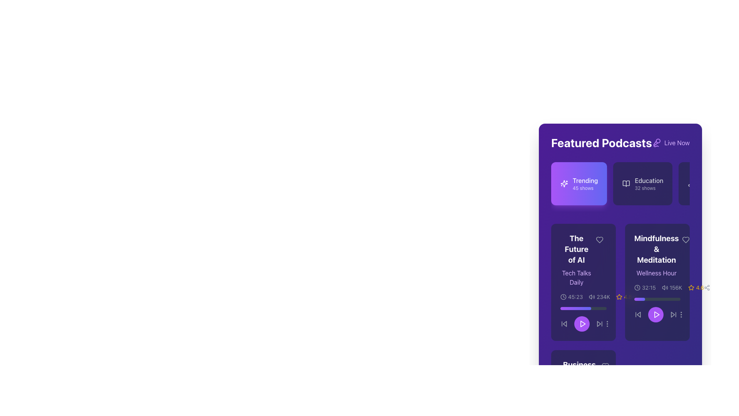  Describe the element at coordinates (583, 324) in the screenshot. I see `the triangular-shaped play icon located within the circular context in the bottom center of the card labeled 'The Future of AI'` at that location.